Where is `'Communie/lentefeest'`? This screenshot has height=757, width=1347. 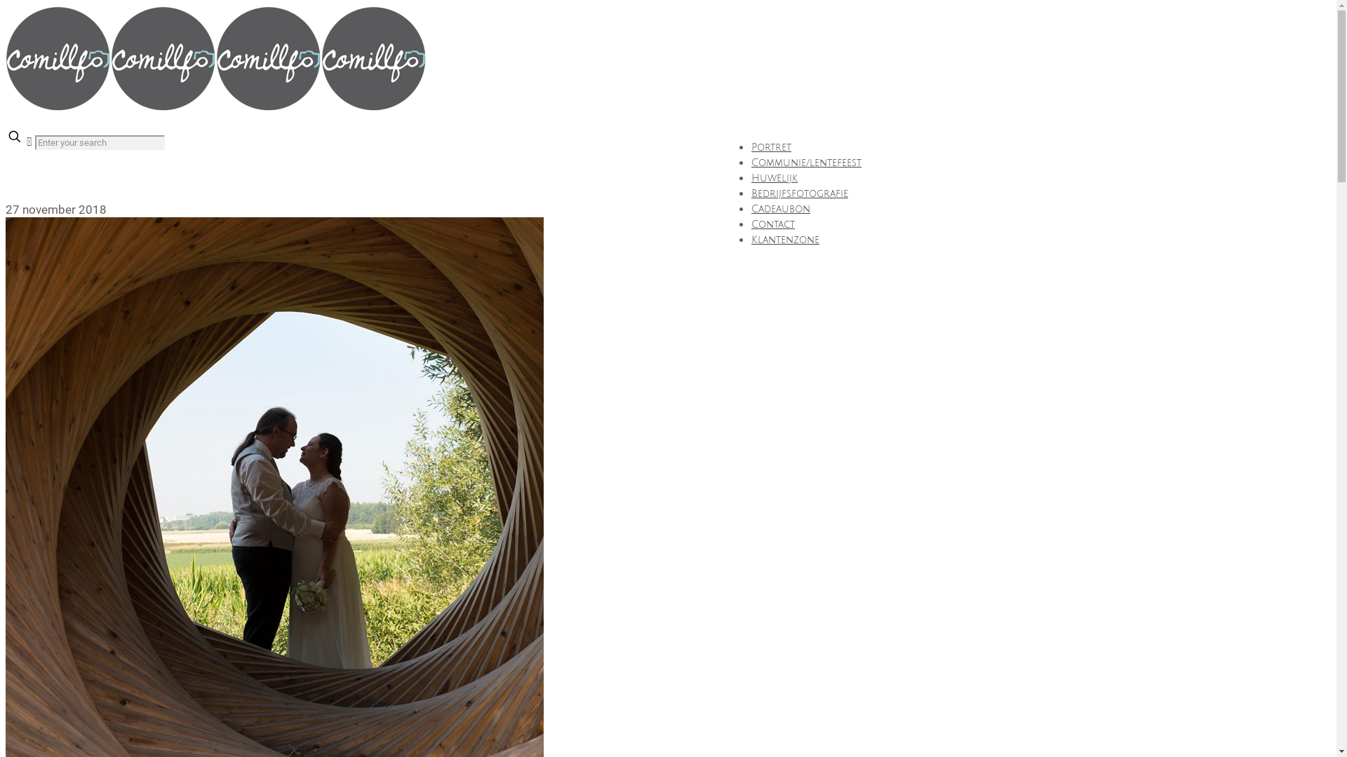 'Communie/lentefeest' is located at coordinates (806, 162).